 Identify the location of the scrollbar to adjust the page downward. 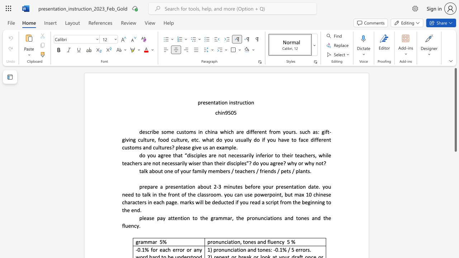
(455, 201).